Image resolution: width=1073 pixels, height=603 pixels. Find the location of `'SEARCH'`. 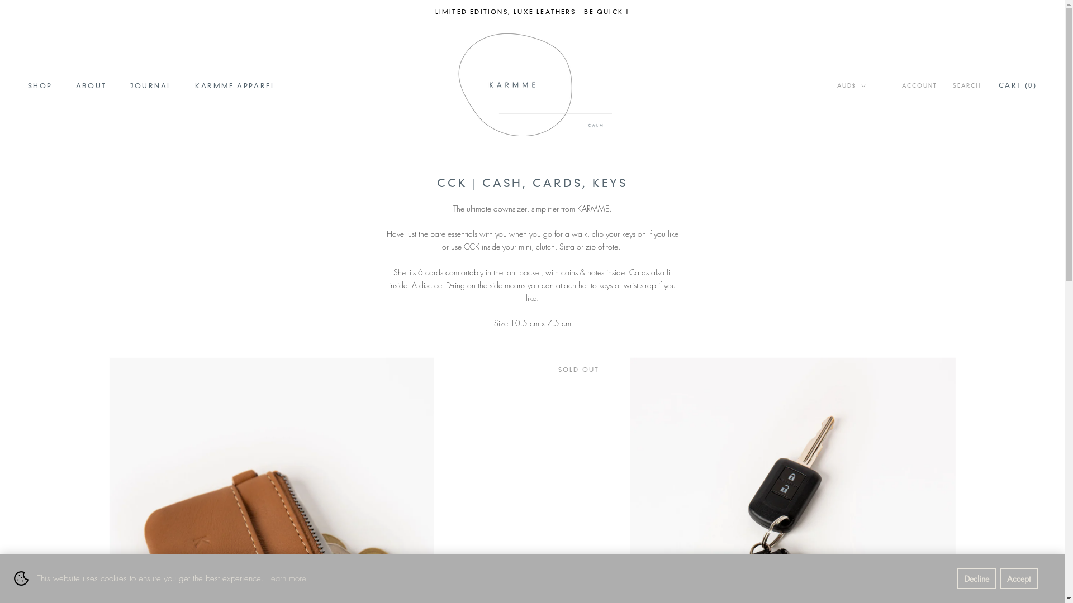

'SEARCH' is located at coordinates (966, 85).